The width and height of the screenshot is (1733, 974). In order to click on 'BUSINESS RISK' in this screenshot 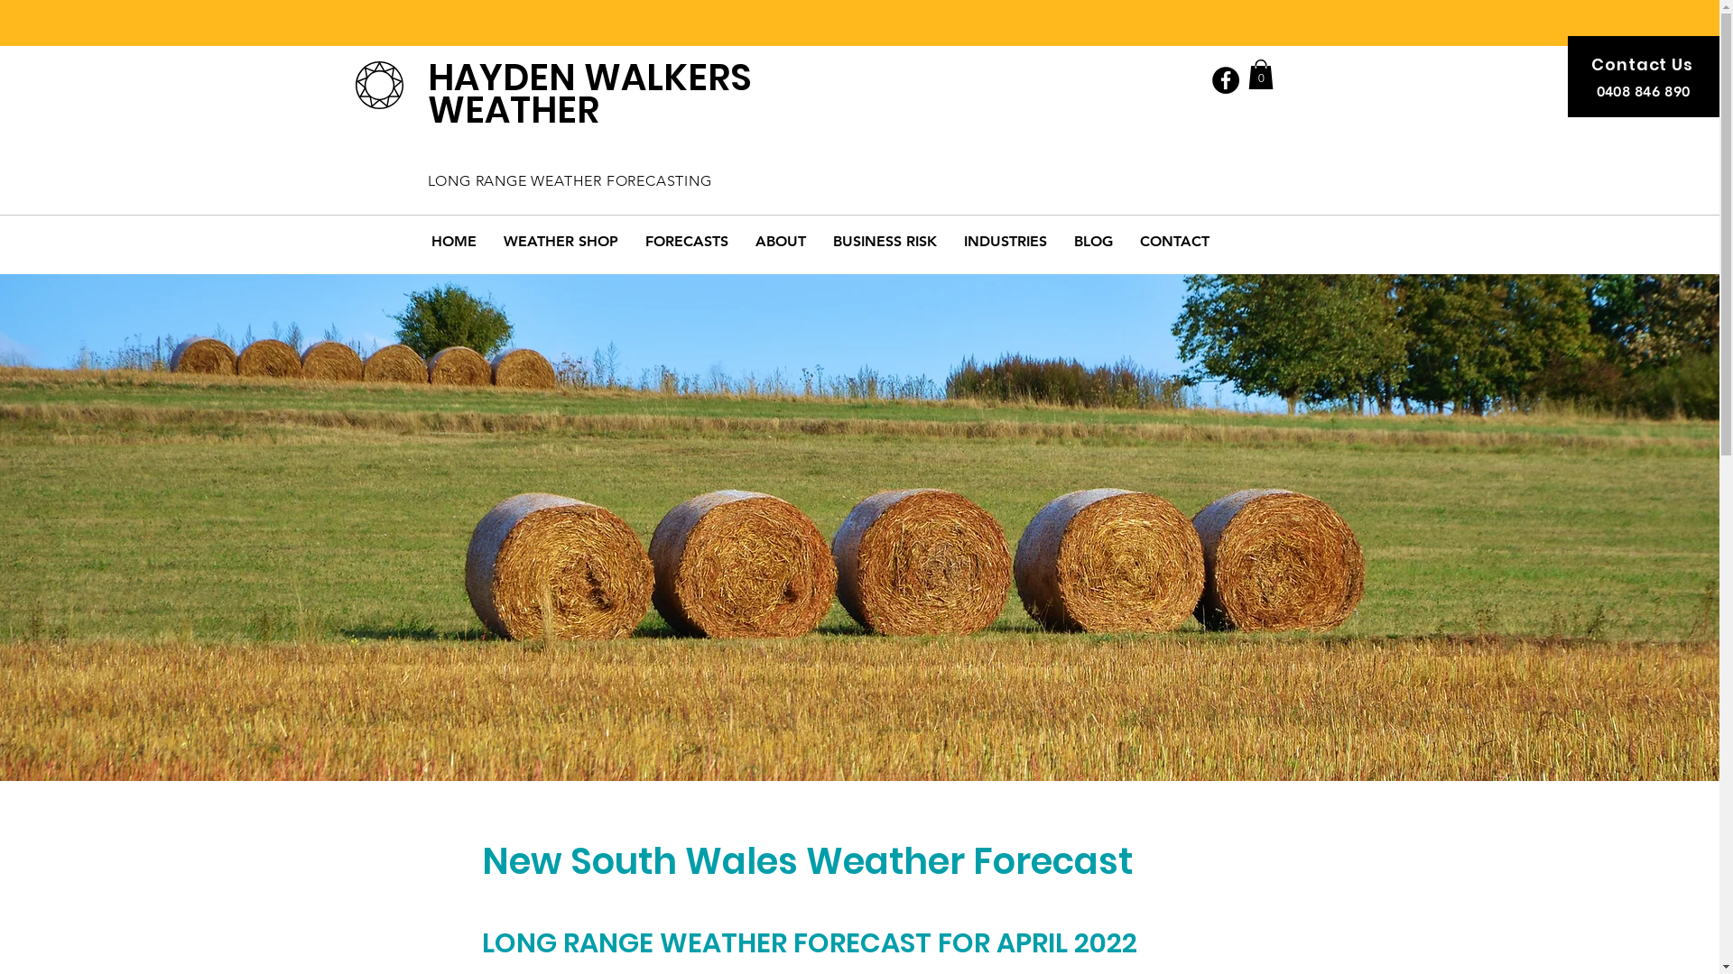, I will do `click(885, 240)`.